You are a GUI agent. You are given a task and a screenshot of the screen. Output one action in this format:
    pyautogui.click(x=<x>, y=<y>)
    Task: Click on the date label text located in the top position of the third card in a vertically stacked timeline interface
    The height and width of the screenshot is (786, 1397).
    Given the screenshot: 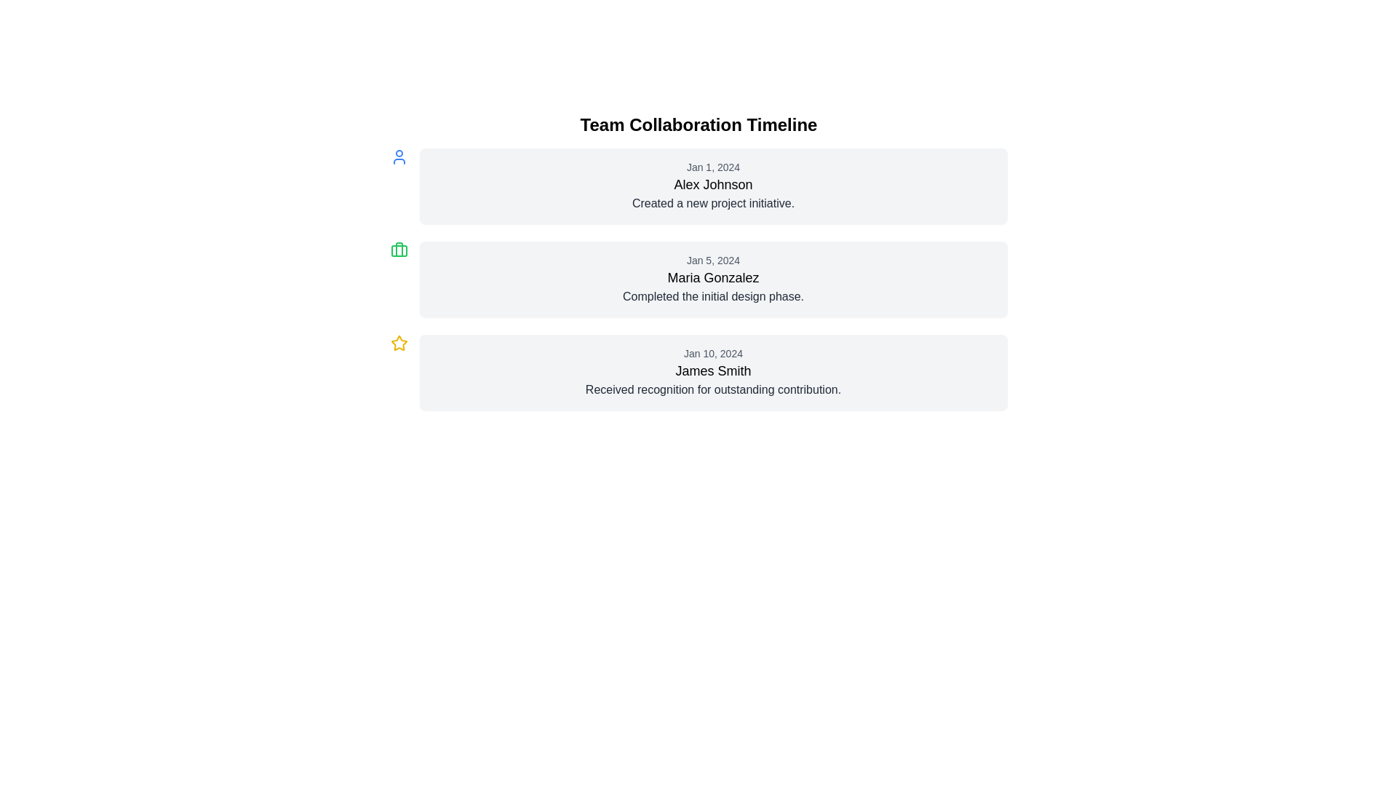 What is the action you would take?
    pyautogui.click(x=713, y=354)
    